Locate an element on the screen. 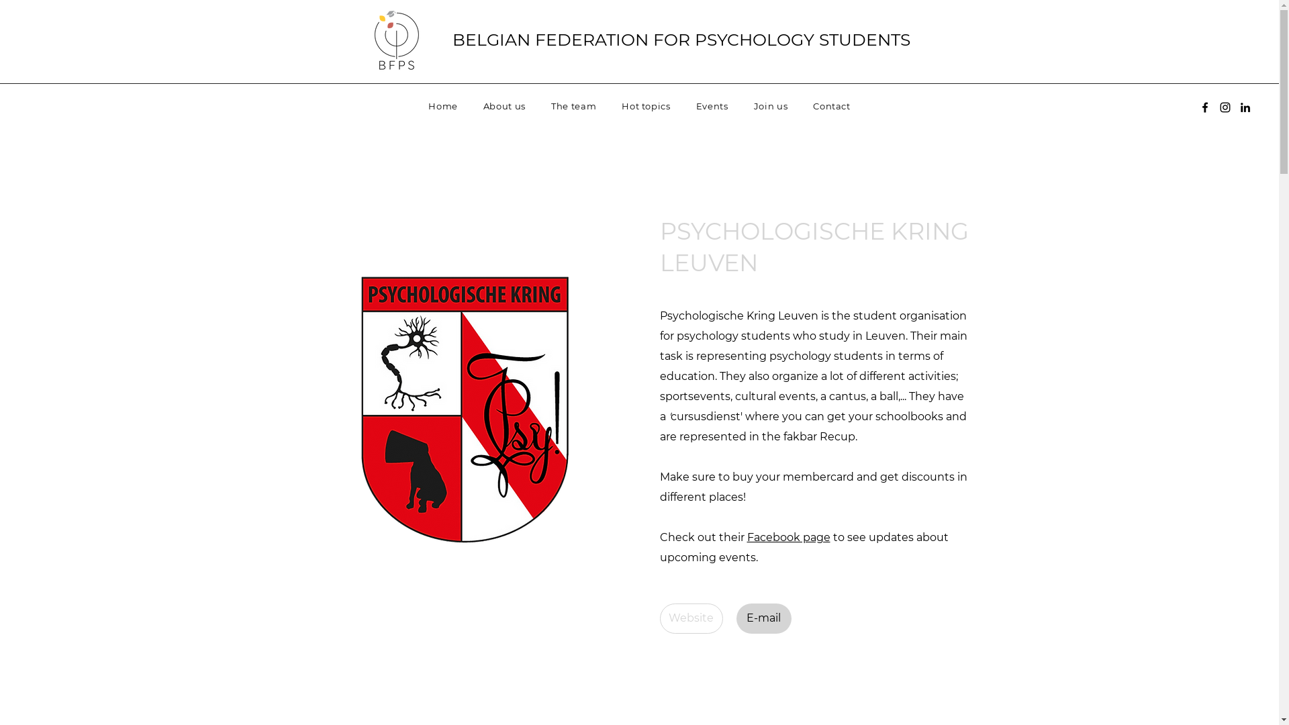 Image resolution: width=1289 pixels, height=725 pixels. 'Events' is located at coordinates (686, 105).